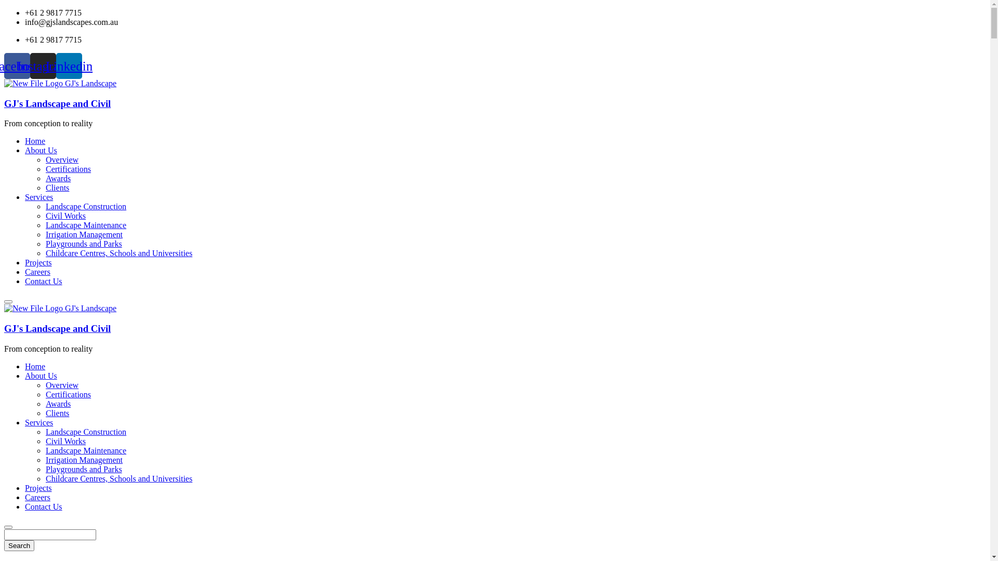  Describe the element at coordinates (65, 441) in the screenshot. I see `'Civil Works'` at that location.